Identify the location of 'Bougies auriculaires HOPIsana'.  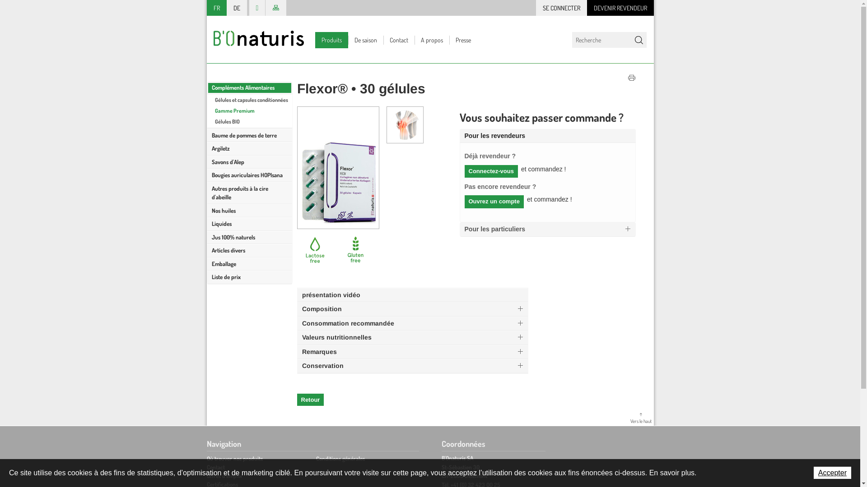
(249, 175).